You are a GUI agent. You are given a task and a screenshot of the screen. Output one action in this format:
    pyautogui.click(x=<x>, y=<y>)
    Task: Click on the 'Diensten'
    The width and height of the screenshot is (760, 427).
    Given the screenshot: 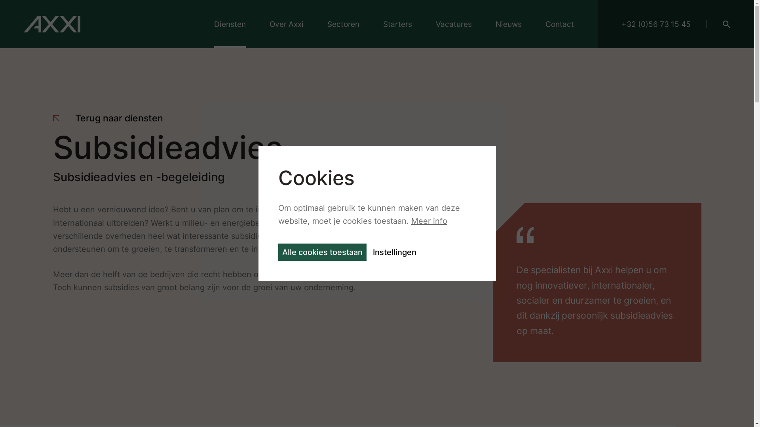 What is the action you would take?
    pyautogui.click(x=229, y=24)
    